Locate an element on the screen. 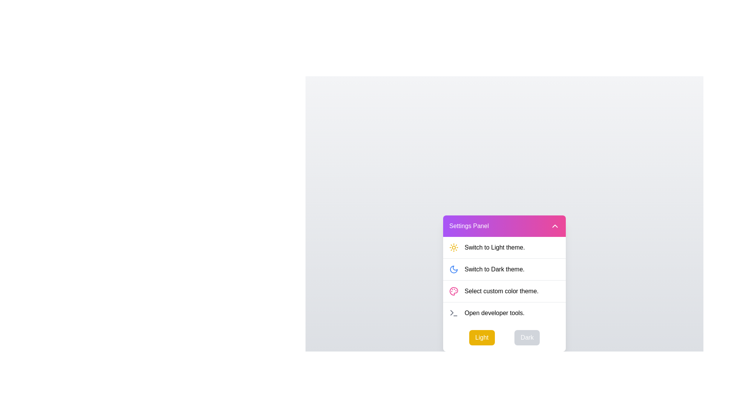  the 'Switch to Dark theme' option is located at coordinates (504, 269).